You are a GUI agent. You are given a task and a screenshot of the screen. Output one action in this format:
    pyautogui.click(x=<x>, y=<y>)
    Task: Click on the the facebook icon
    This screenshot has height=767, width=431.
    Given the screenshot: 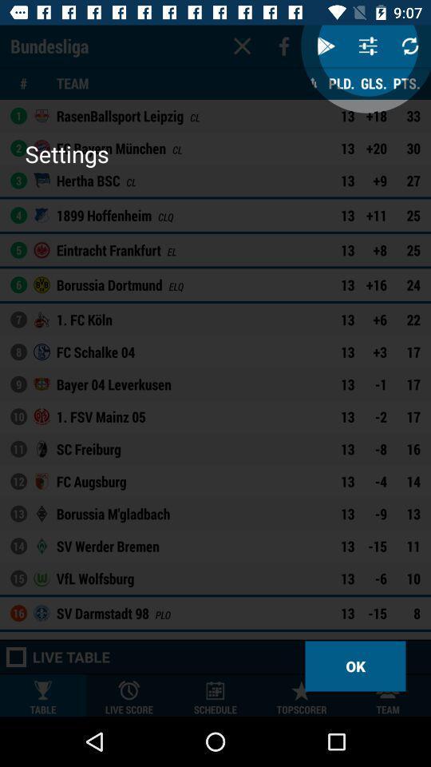 What is the action you would take?
    pyautogui.click(x=283, y=45)
    